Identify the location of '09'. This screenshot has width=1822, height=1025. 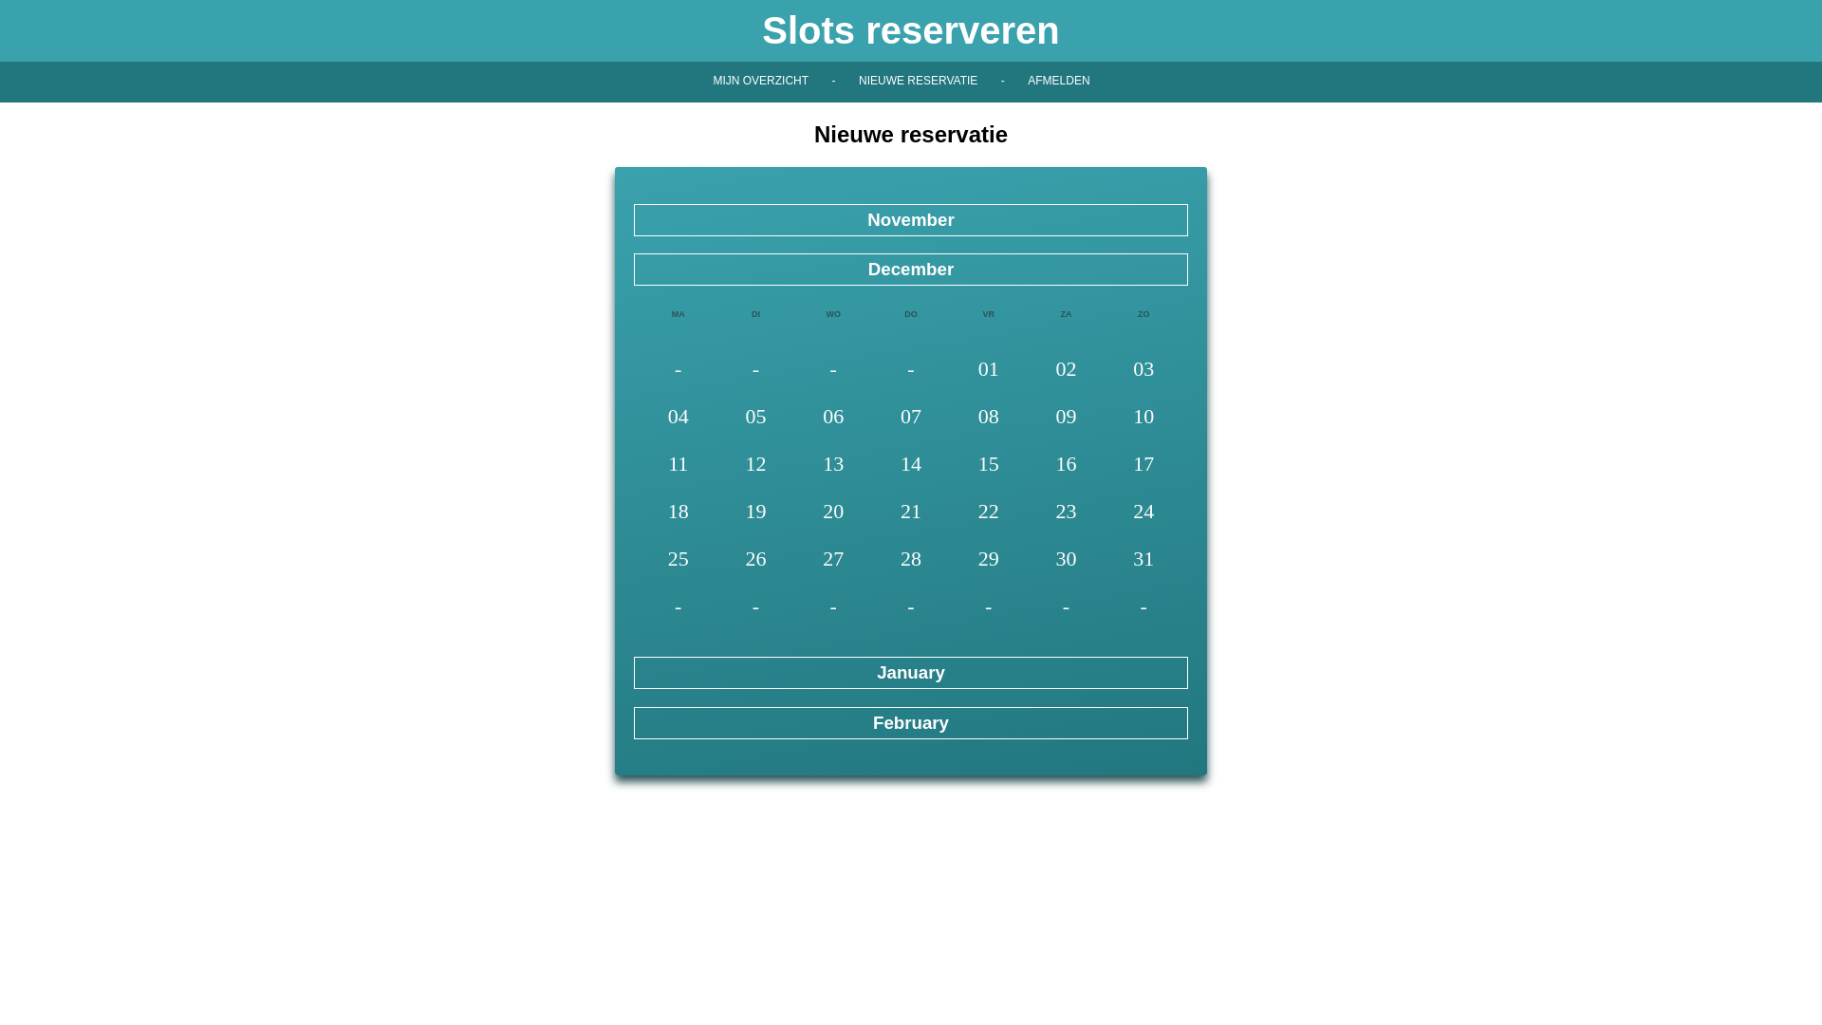
(1066, 417).